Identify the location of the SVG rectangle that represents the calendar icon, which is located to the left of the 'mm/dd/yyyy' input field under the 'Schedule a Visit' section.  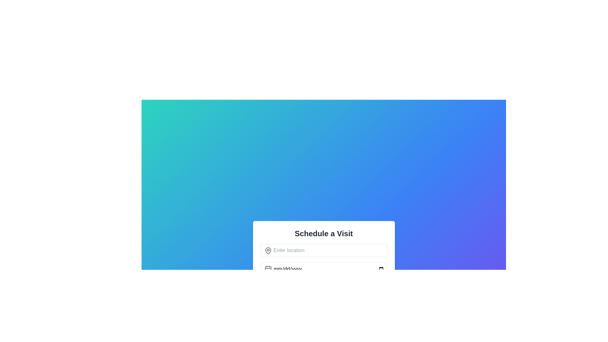
(268, 269).